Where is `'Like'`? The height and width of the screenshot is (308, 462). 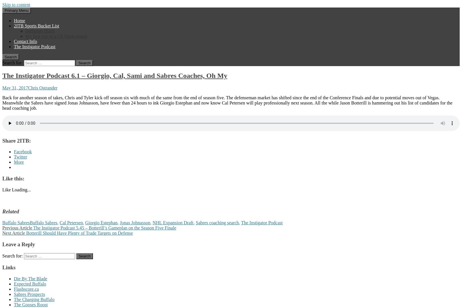
'Like' is located at coordinates (2, 189).